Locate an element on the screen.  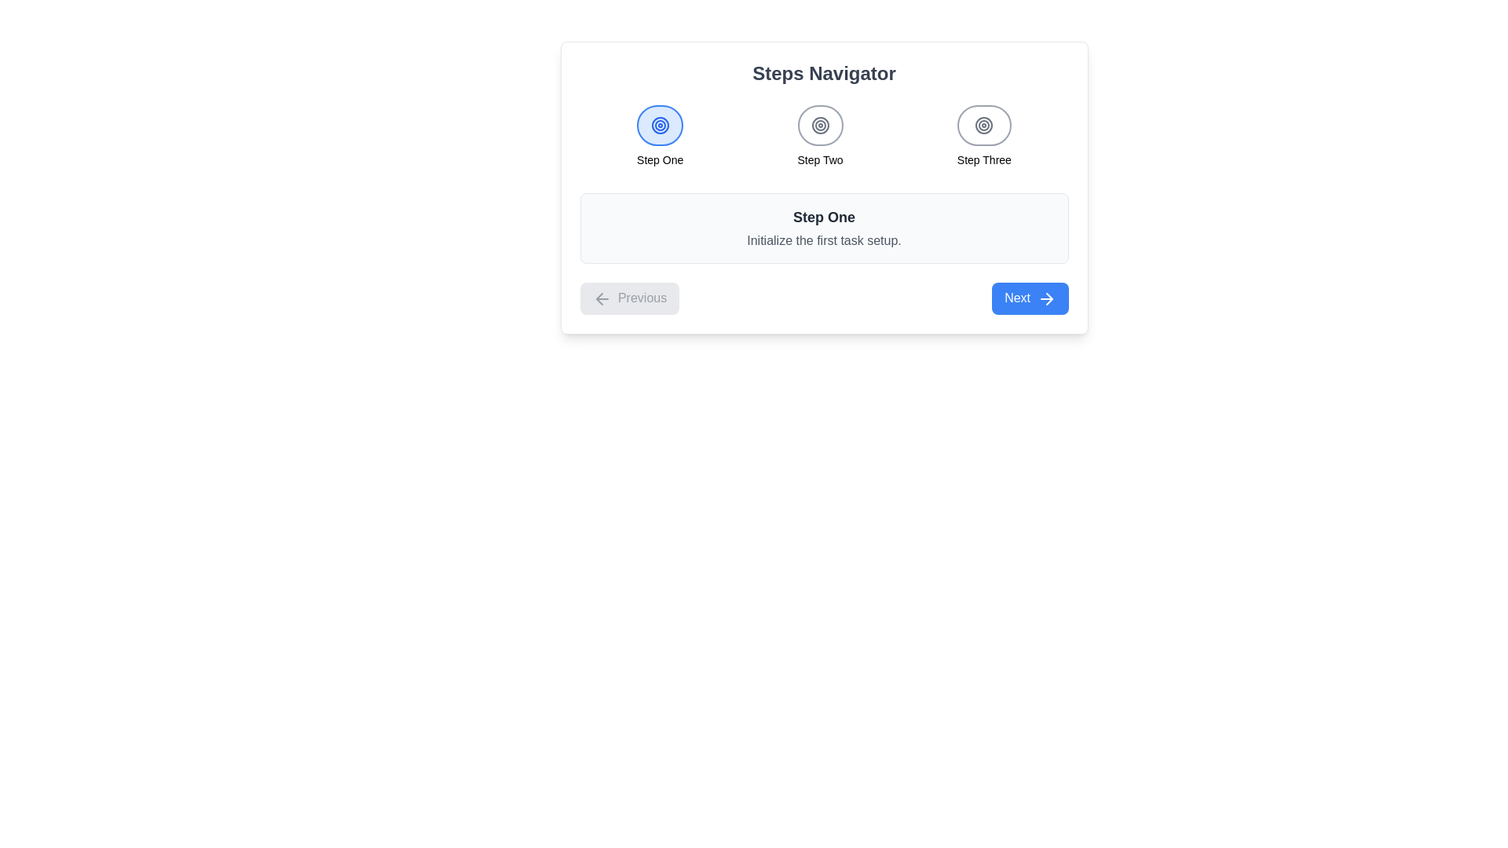
the static text element displaying 'Step Three', which is the third step indicator in a horizontal sequence of steps, located at the top of the interface is located at coordinates (983, 160).